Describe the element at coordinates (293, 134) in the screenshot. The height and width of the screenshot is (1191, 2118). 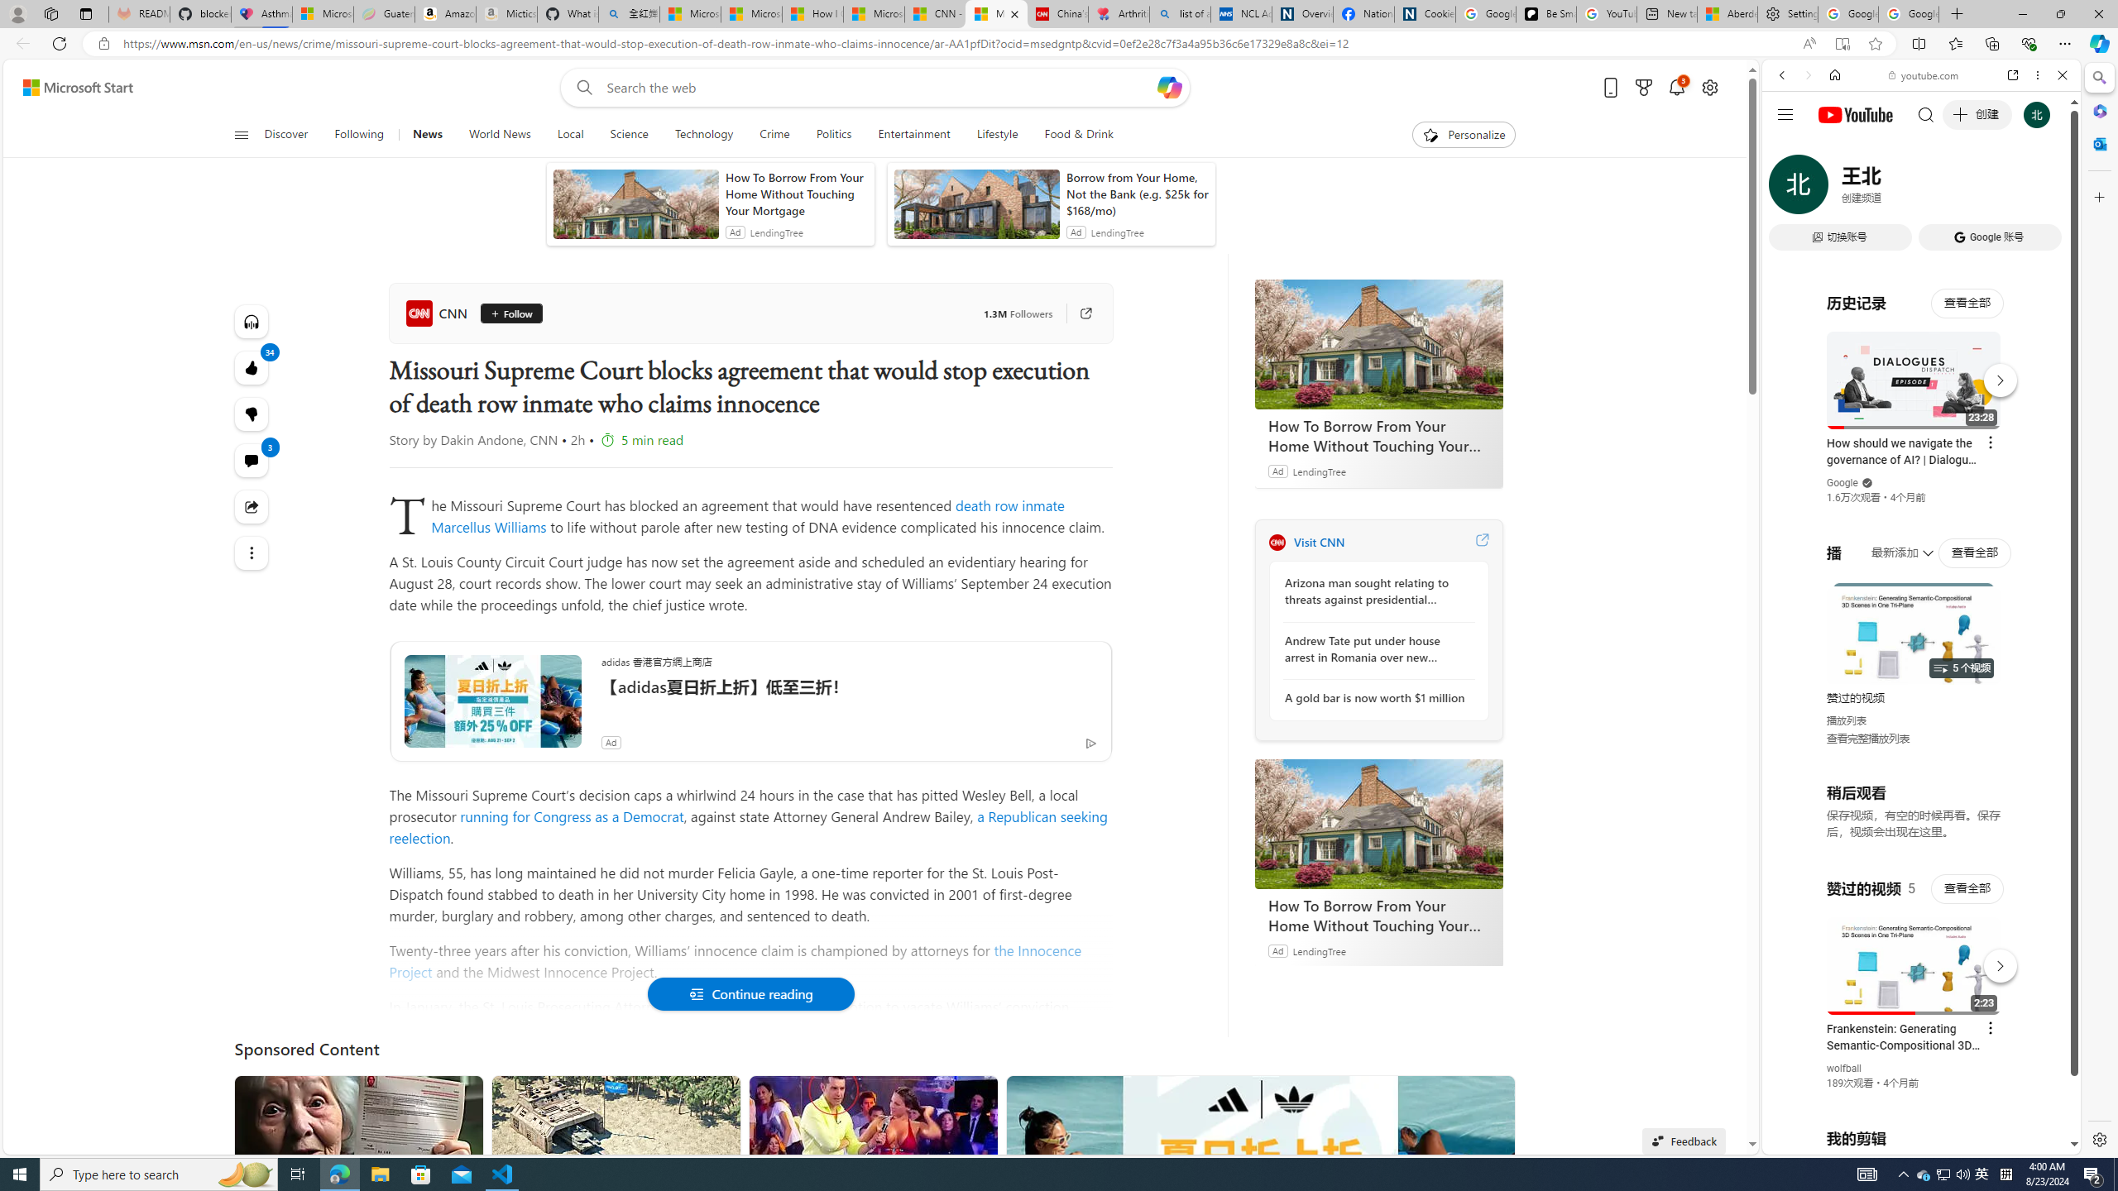
I see `'Discover'` at that location.